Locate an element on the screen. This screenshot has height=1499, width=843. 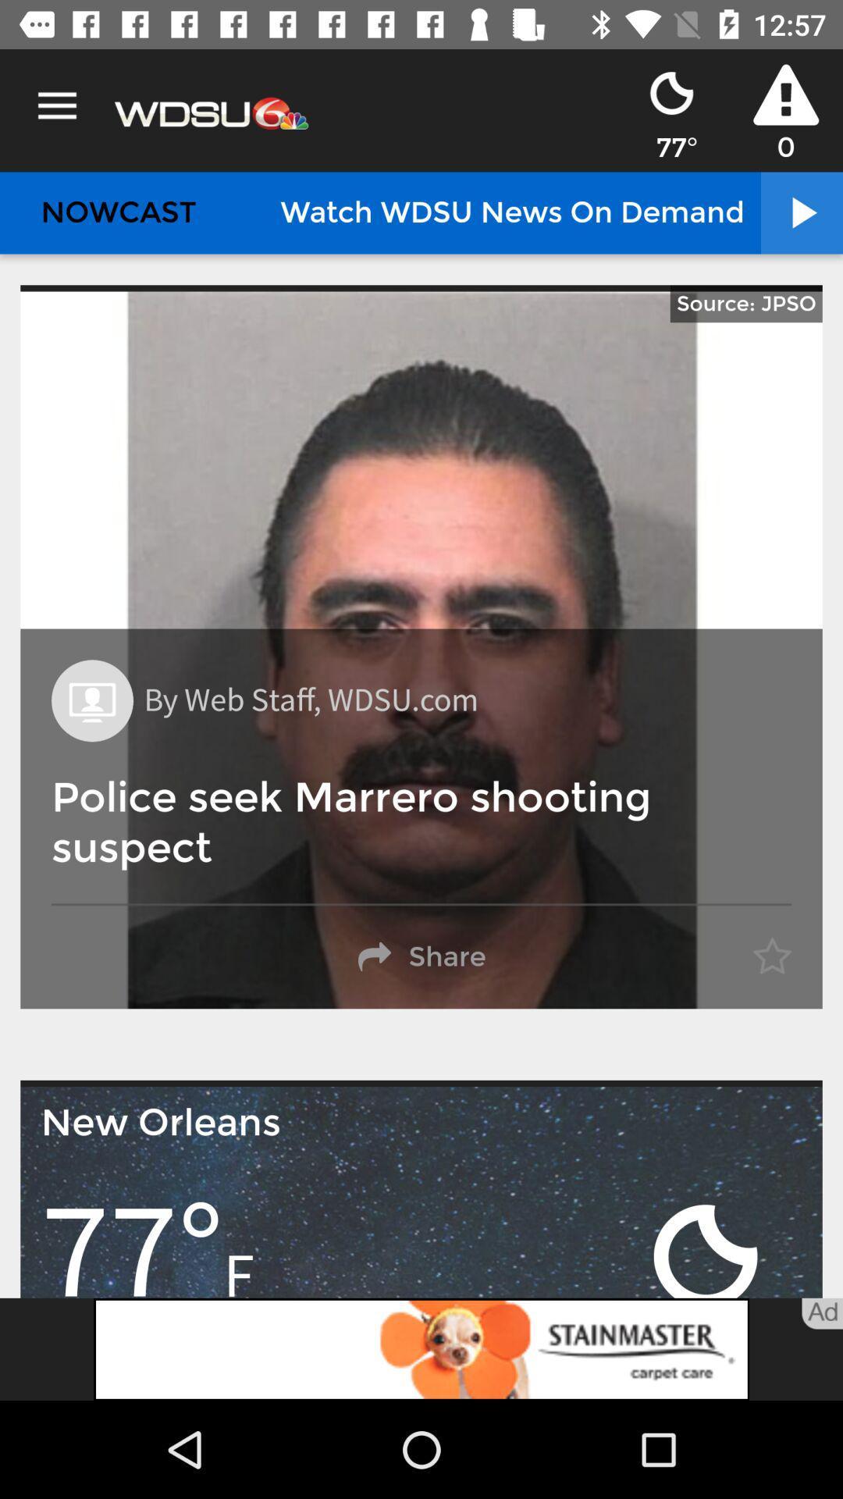
the menu icon is located at coordinates (56, 105).